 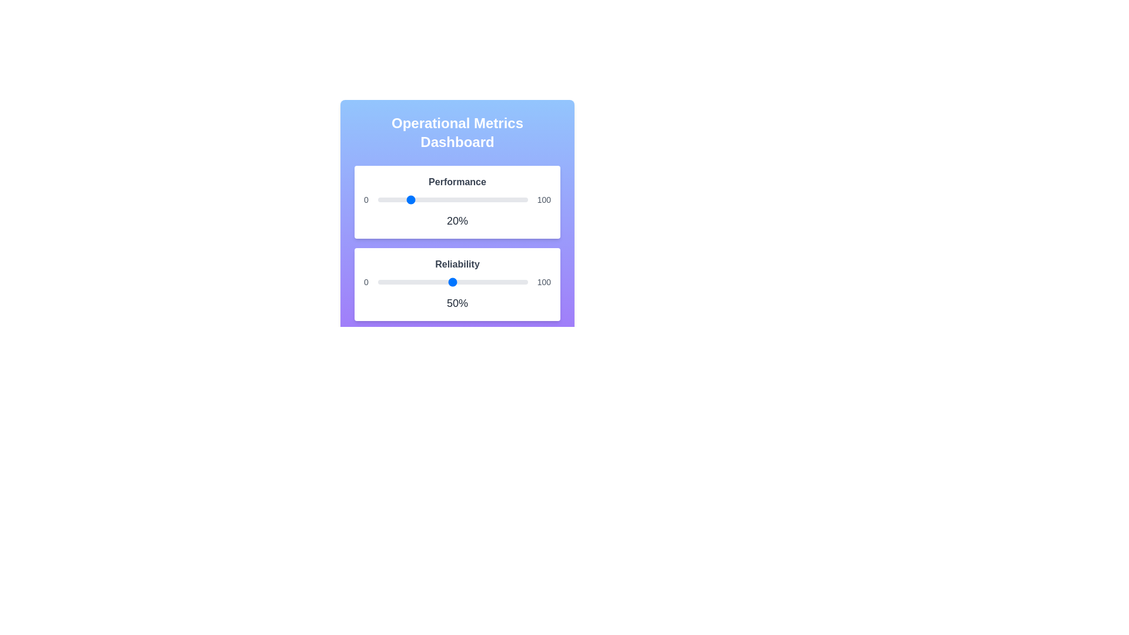 I want to click on the reliability value, so click(x=481, y=282).